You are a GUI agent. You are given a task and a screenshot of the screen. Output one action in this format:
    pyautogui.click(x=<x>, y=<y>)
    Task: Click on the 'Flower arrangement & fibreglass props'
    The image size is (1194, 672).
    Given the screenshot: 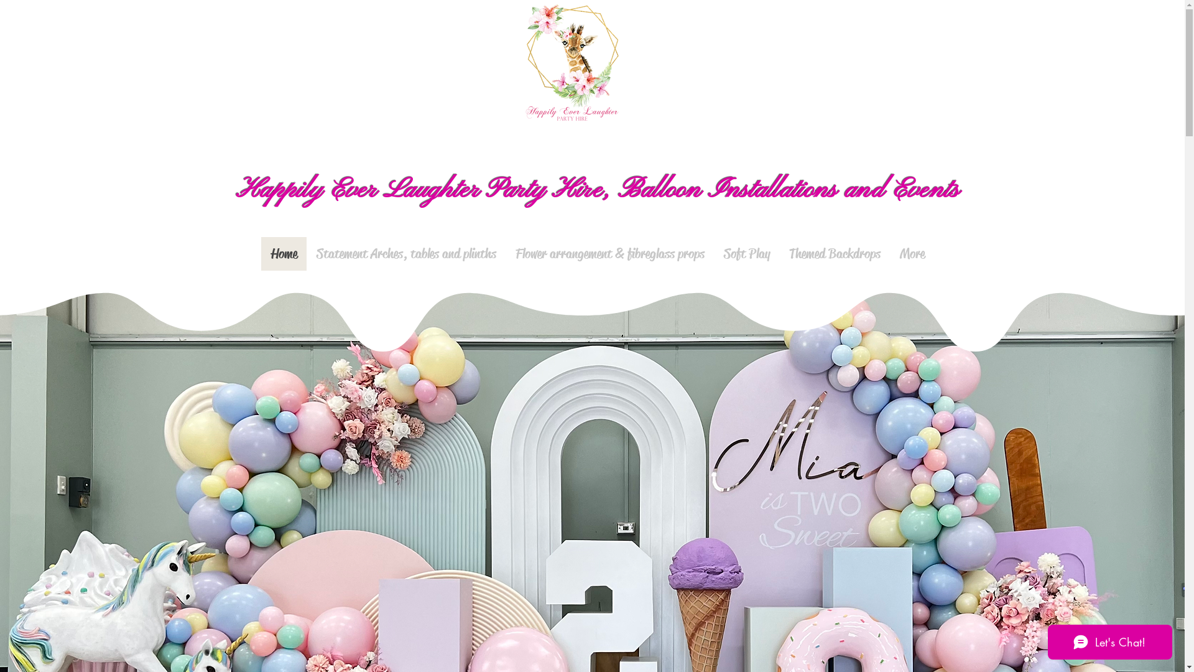 What is the action you would take?
    pyautogui.click(x=609, y=253)
    